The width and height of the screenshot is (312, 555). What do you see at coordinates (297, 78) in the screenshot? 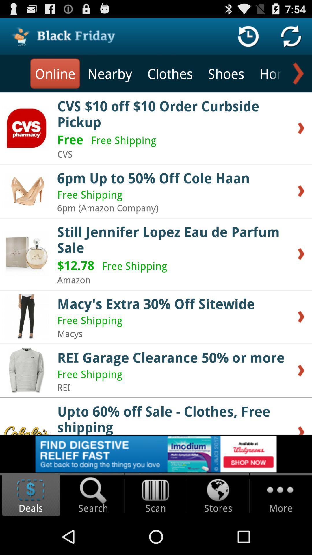
I see `the arrow_forward icon` at bounding box center [297, 78].